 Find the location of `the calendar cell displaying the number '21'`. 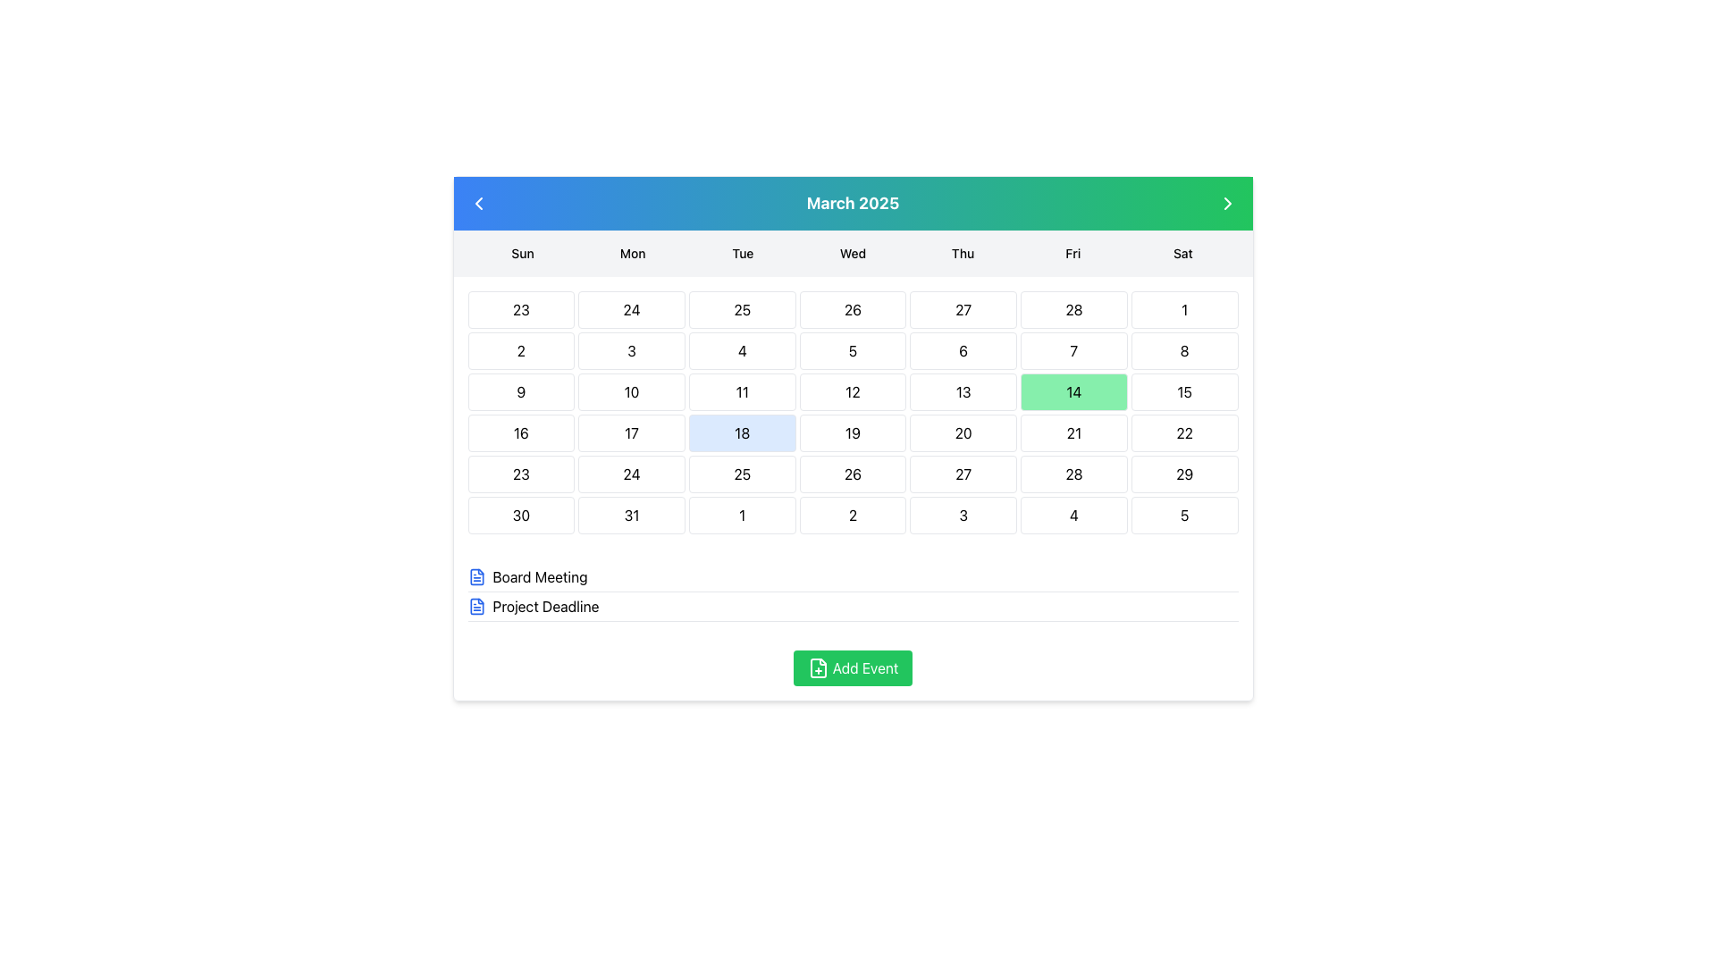

the calendar cell displaying the number '21' is located at coordinates (1072, 433).